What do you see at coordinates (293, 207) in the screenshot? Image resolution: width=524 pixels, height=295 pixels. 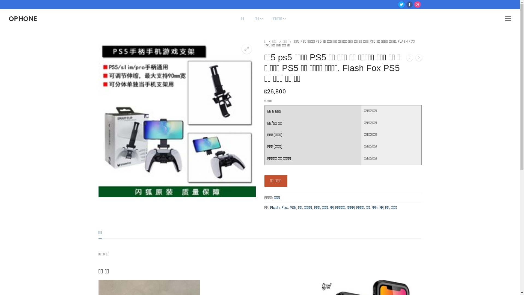 I see `'PS5'` at bounding box center [293, 207].